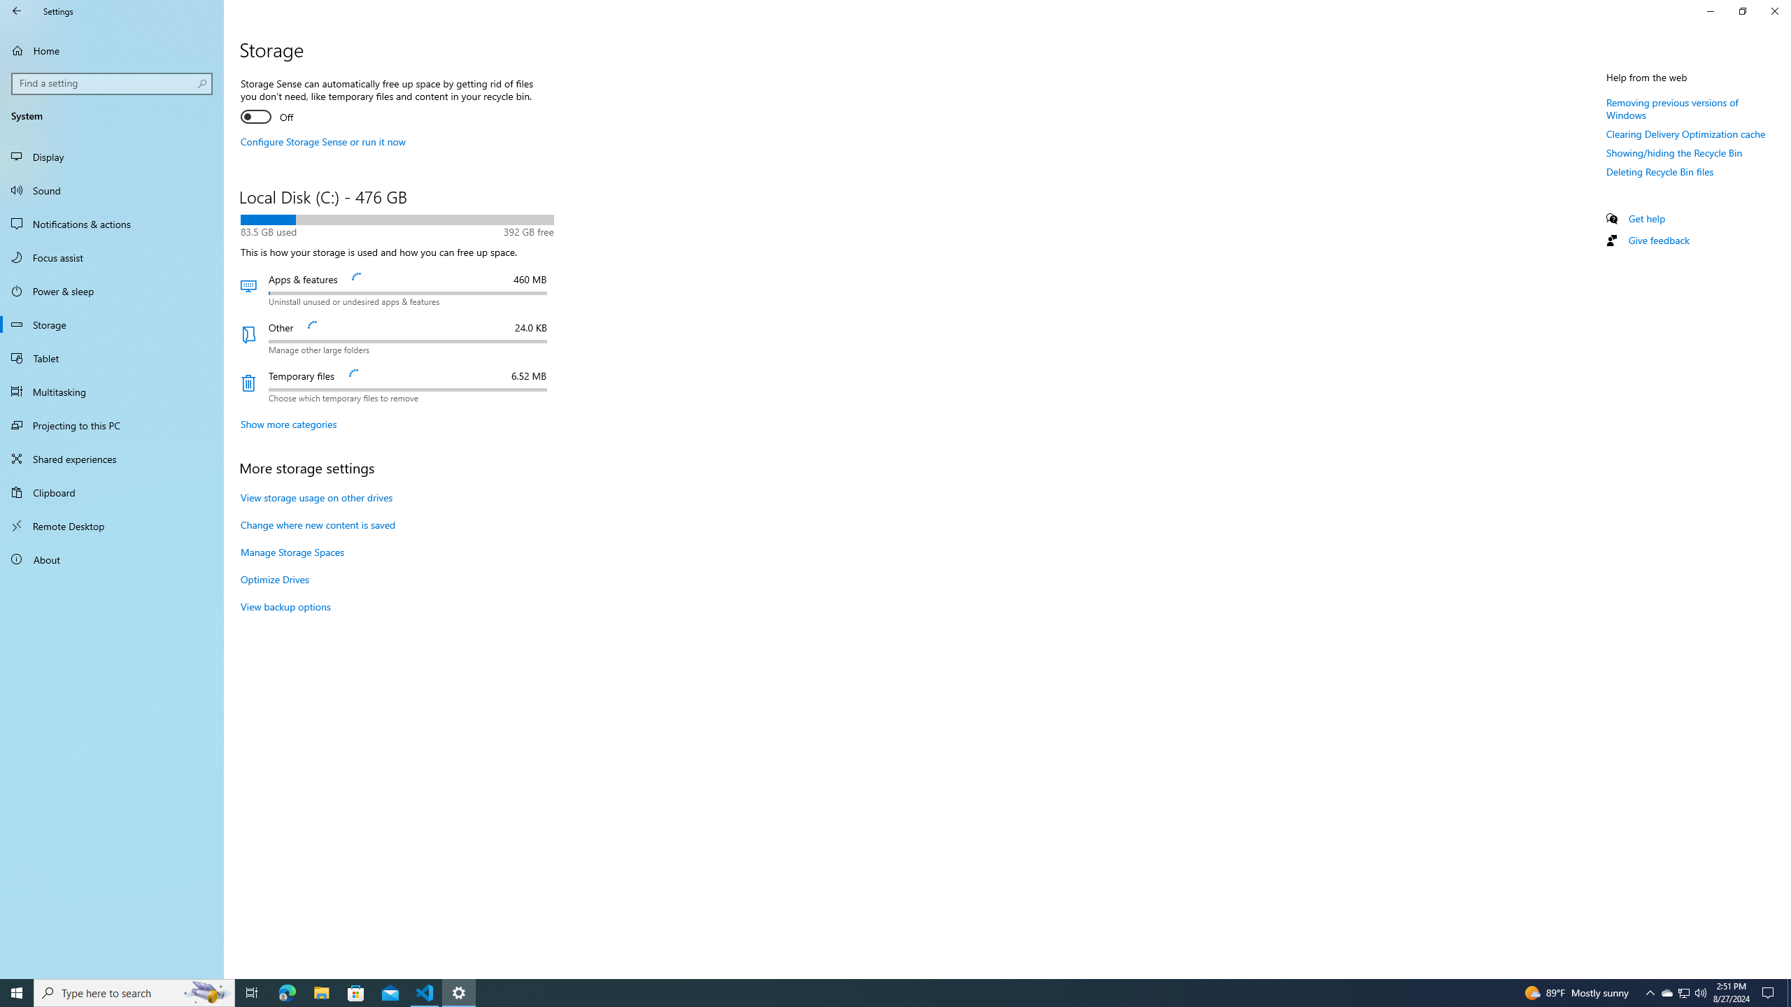 The image size is (1791, 1007). Describe the element at coordinates (111, 290) in the screenshot. I see `'Power & sleep'` at that location.